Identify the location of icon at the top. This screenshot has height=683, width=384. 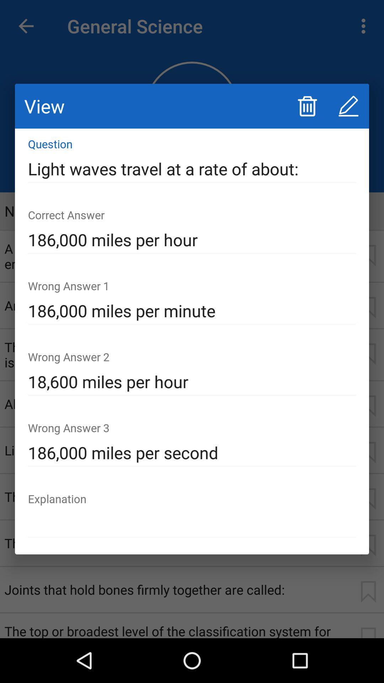
(192, 169).